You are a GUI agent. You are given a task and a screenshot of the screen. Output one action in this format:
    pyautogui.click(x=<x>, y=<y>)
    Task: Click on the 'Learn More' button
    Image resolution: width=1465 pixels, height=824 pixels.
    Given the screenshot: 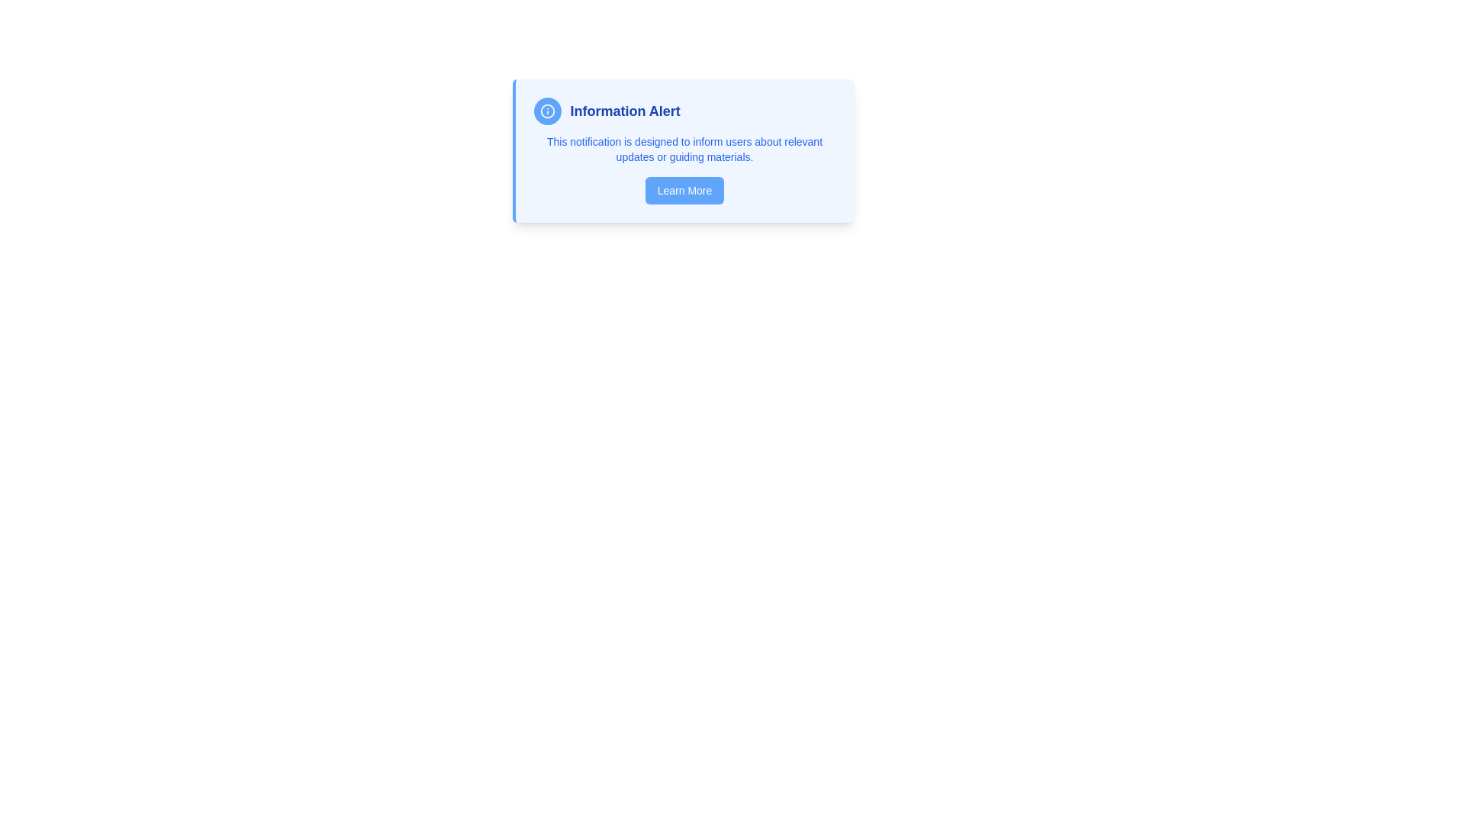 What is the action you would take?
    pyautogui.click(x=684, y=190)
    